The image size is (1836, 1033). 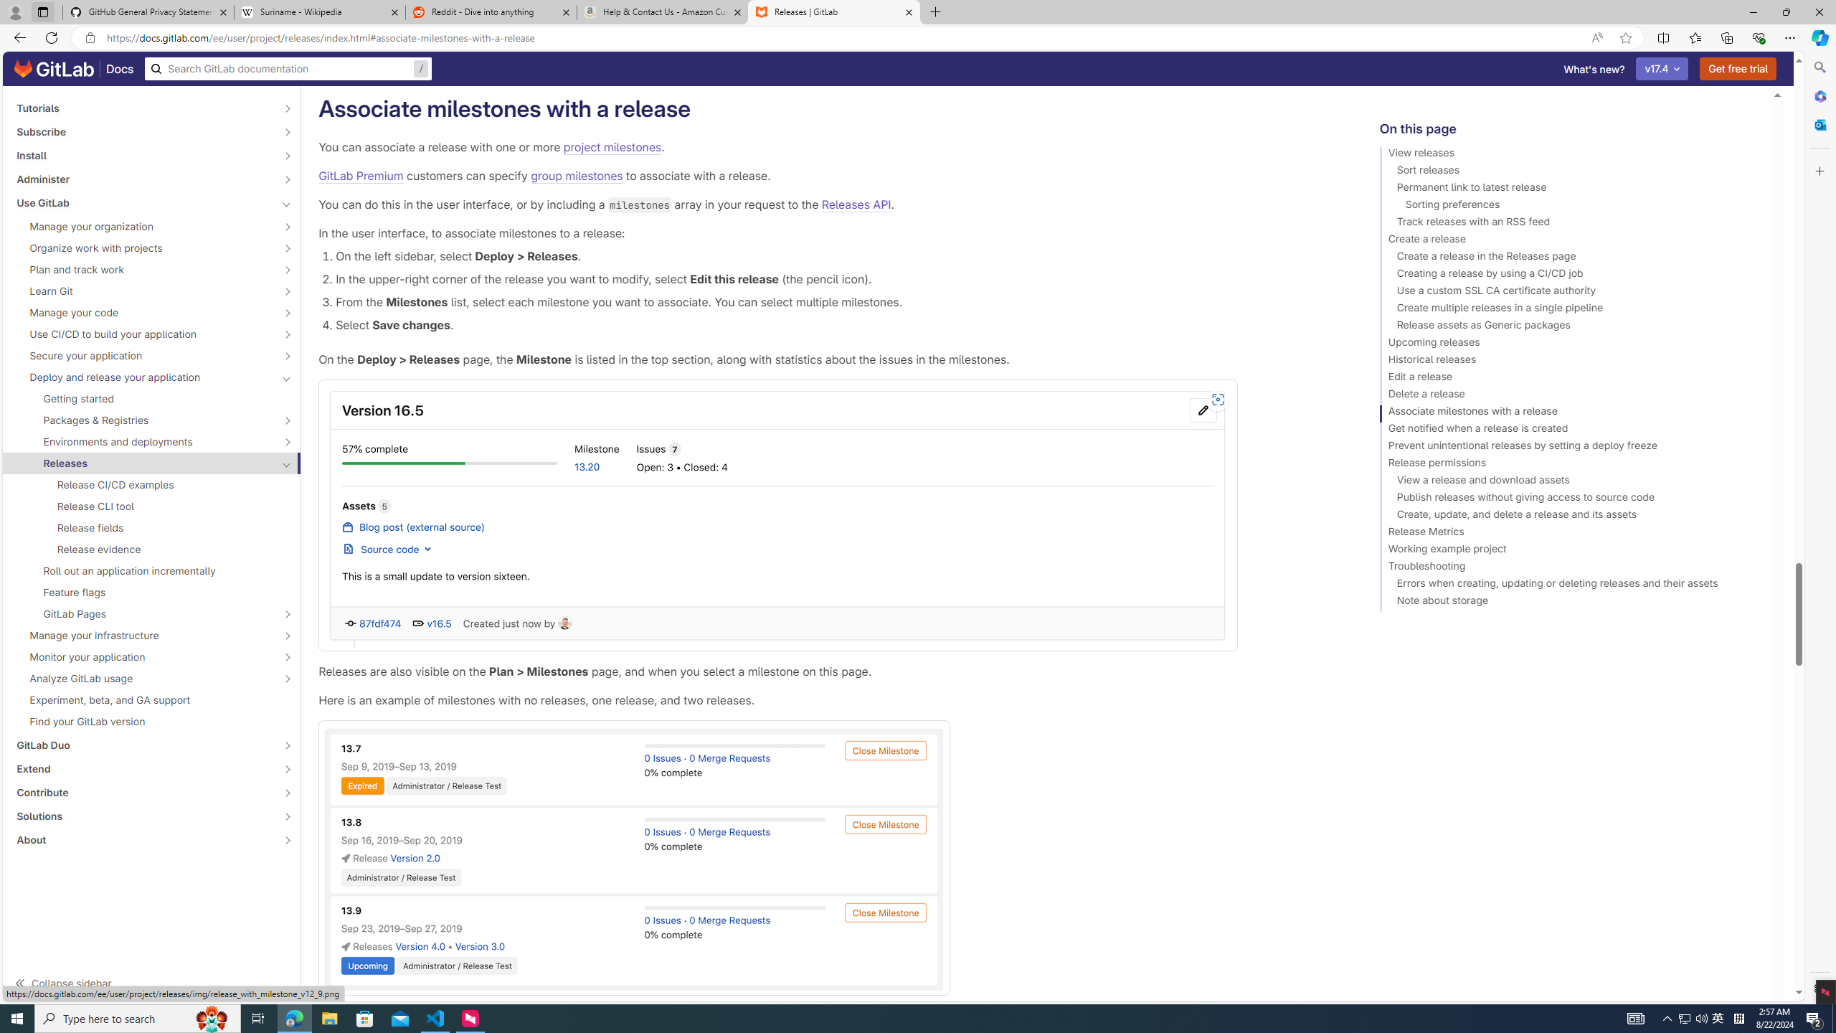 I want to click on 'Sort releases', so click(x=1569, y=172).